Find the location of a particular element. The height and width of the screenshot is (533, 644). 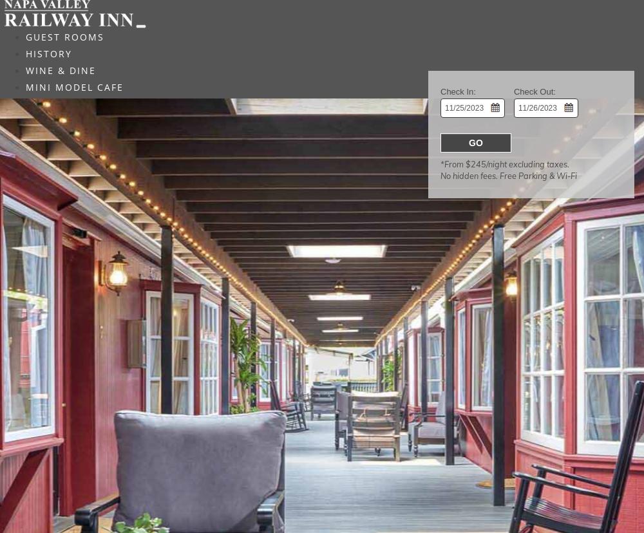

'Go' is located at coordinates (475, 142).